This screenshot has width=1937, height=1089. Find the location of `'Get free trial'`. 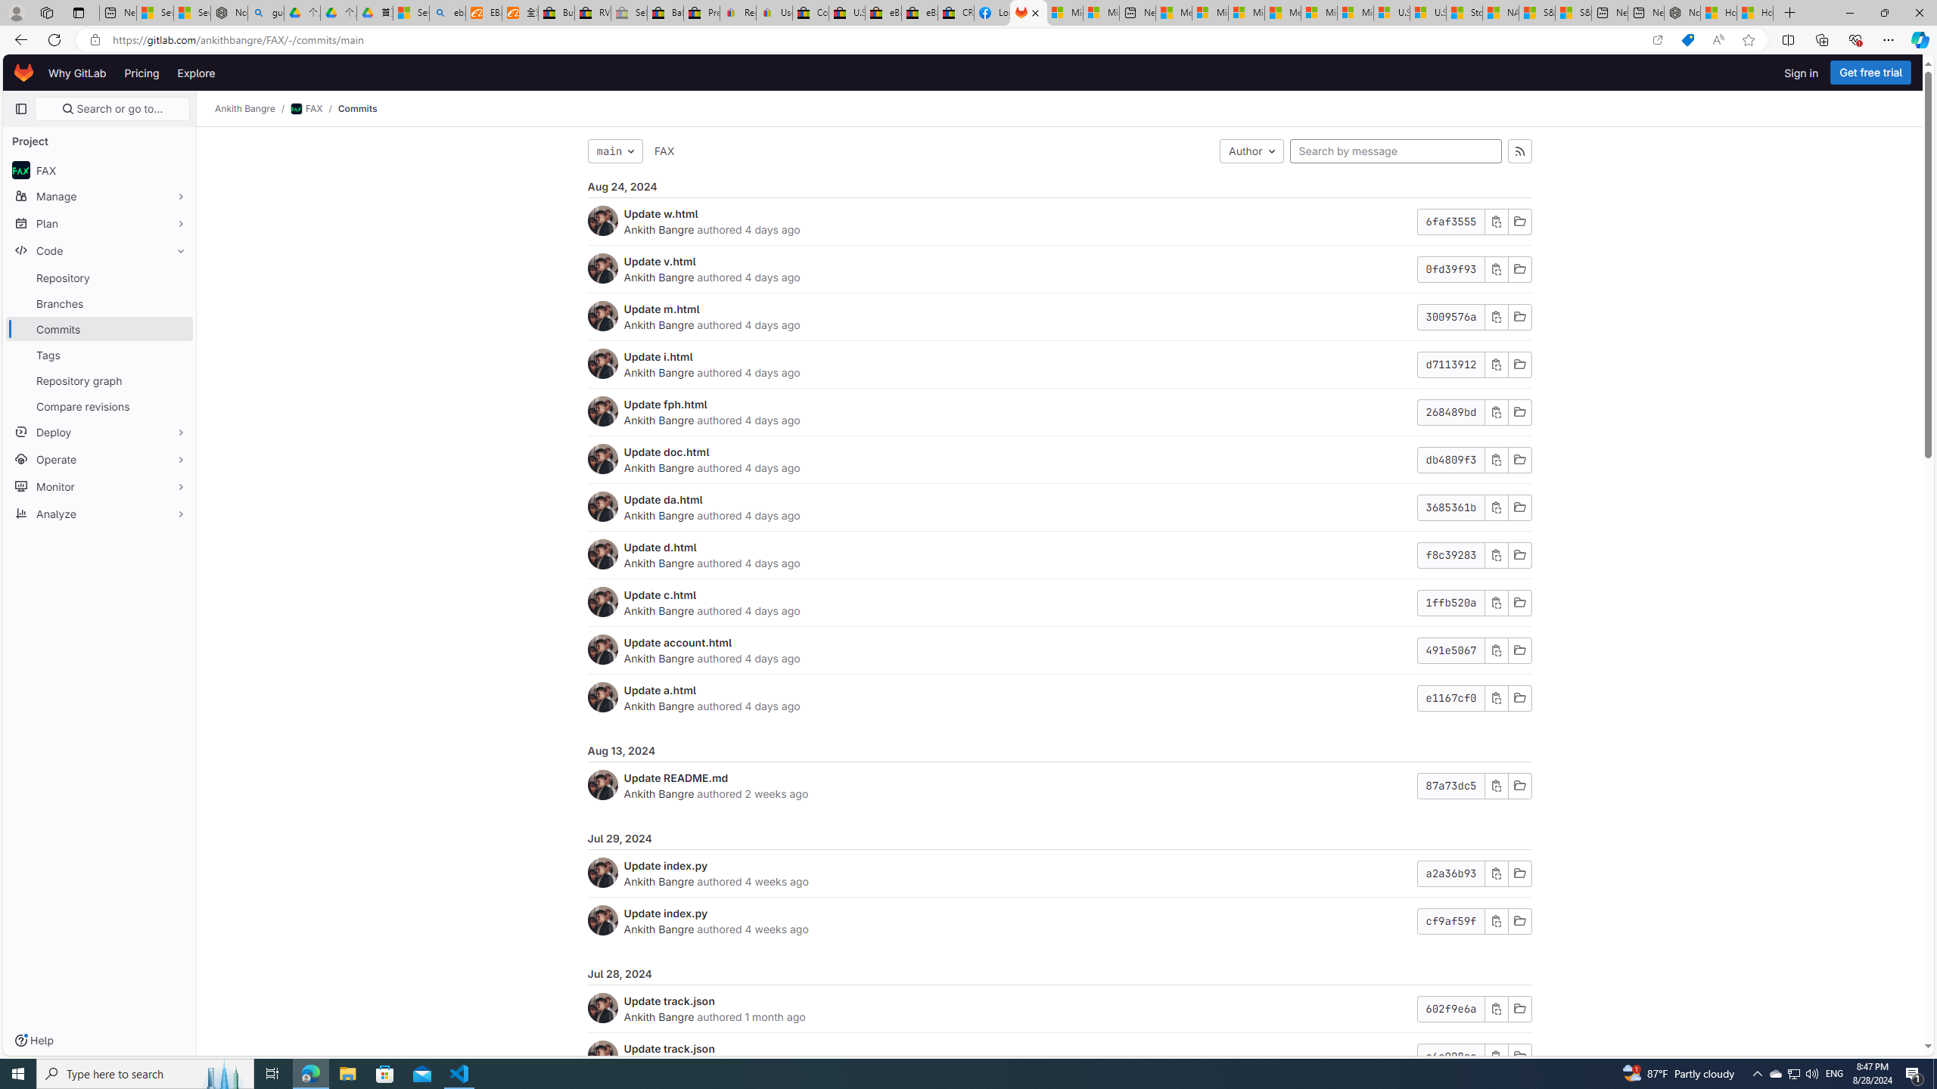

'Get free trial' is located at coordinates (1870, 72).